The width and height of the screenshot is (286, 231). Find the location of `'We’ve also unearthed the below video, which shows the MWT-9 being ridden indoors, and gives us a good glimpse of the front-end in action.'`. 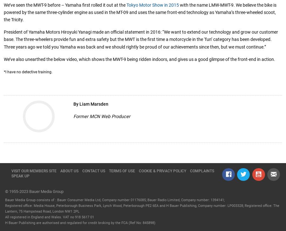

'We’ve also unearthed the below video, which shows the MWT-9 being ridden indoors, and gives us a good glimpse of the front-end in action.' is located at coordinates (3, 59).